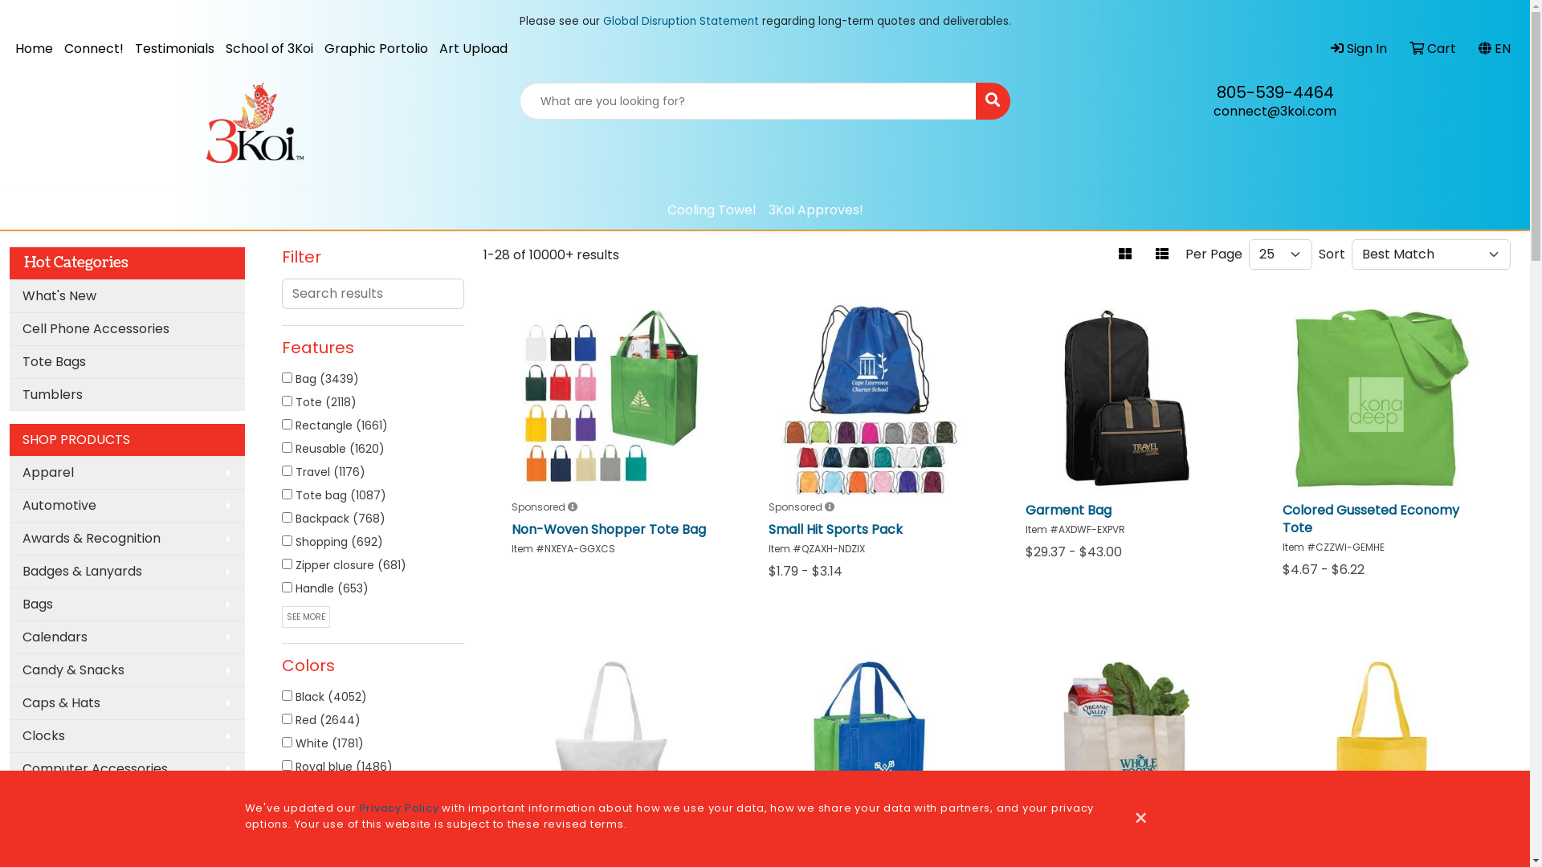 This screenshot has width=1542, height=867. What do you see at coordinates (1357, 48) in the screenshot?
I see `'Sign In'` at bounding box center [1357, 48].